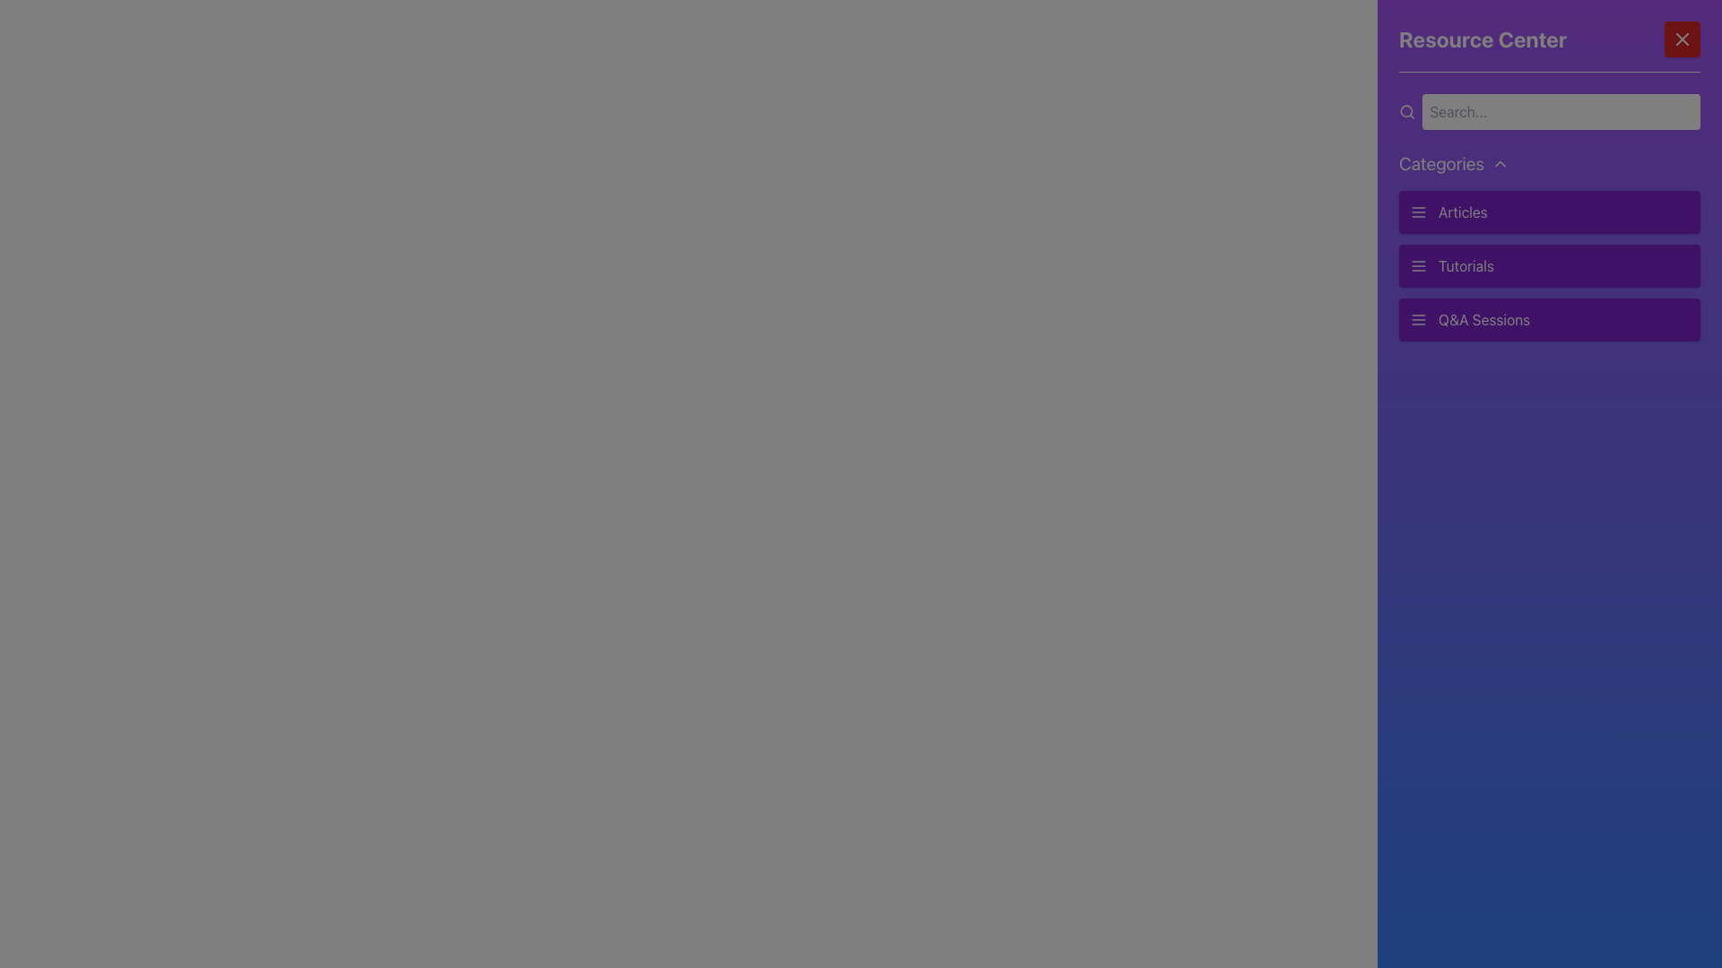  Describe the element at coordinates (1682, 39) in the screenshot. I see `the close button located at the top-right corner of the 'Resource Center' interface` at that location.